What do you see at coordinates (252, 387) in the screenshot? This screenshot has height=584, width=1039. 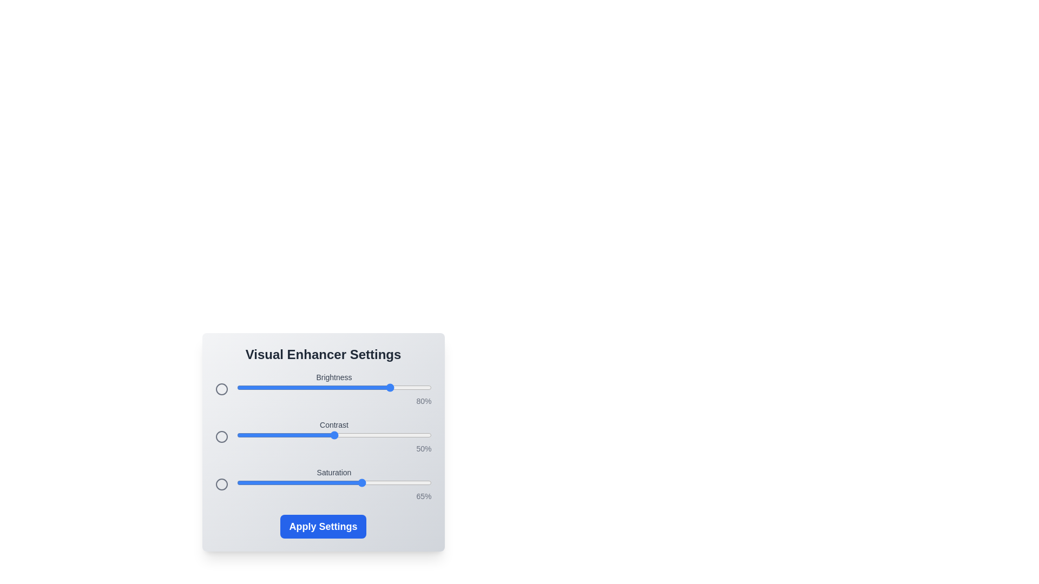 I see `the 0 slider to 8%` at bounding box center [252, 387].